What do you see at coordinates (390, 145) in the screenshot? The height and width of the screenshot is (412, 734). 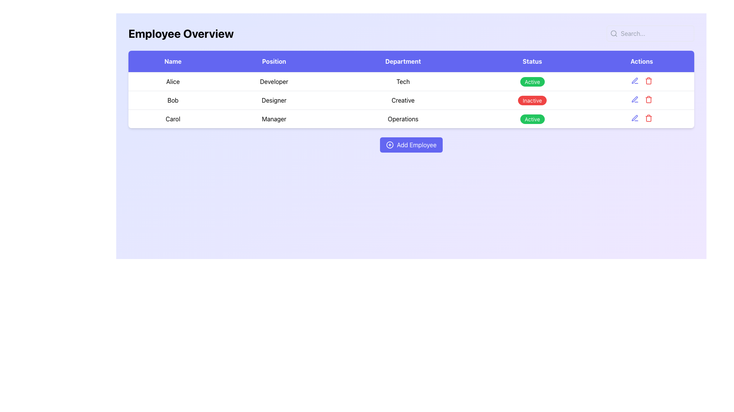 I see `Decorative icon representing the addition functionality located to the left of the 'Add Employee' button for accessibility tags` at bounding box center [390, 145].